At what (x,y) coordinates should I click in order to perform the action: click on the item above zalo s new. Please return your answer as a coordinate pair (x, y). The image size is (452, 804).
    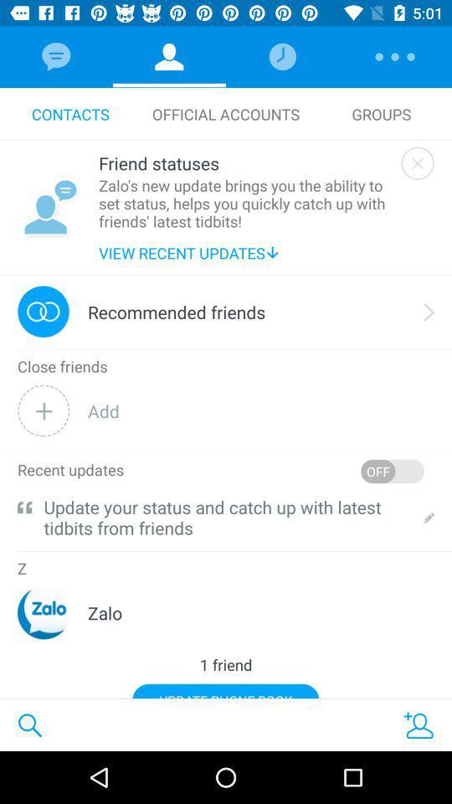
    Looking at the image, I should click on (245, 162).